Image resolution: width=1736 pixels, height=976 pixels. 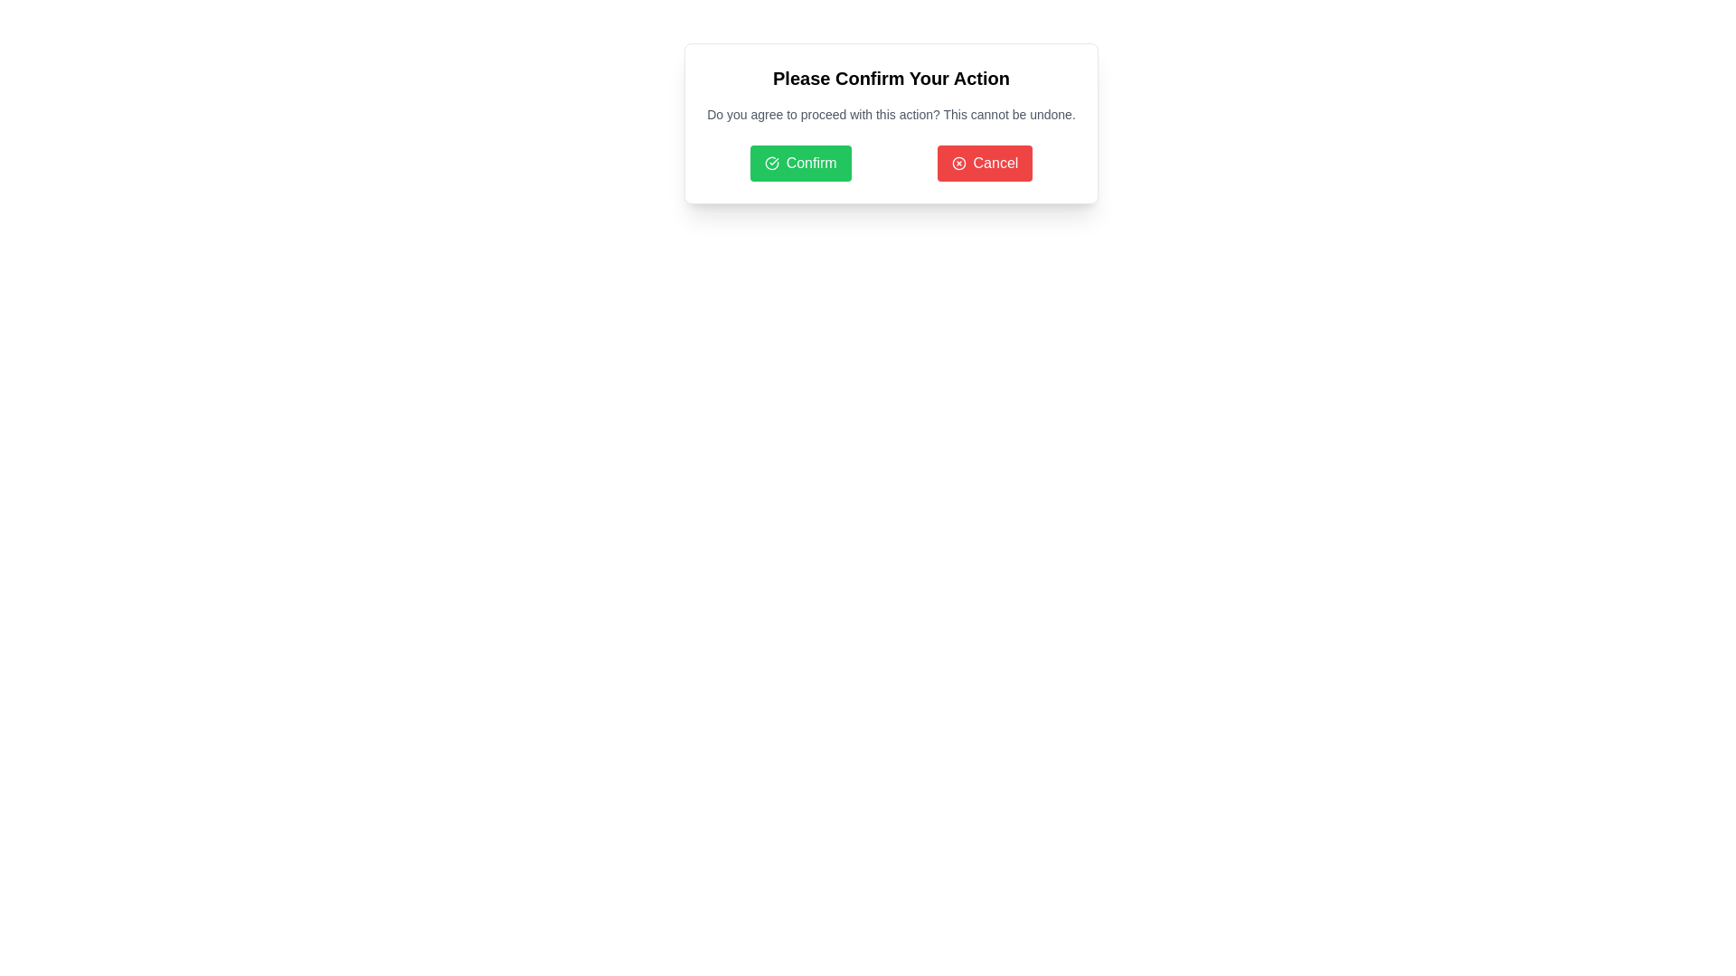 I want to click on the confirmation action button located within the confirmation dialog, so click(x=799, y=164).